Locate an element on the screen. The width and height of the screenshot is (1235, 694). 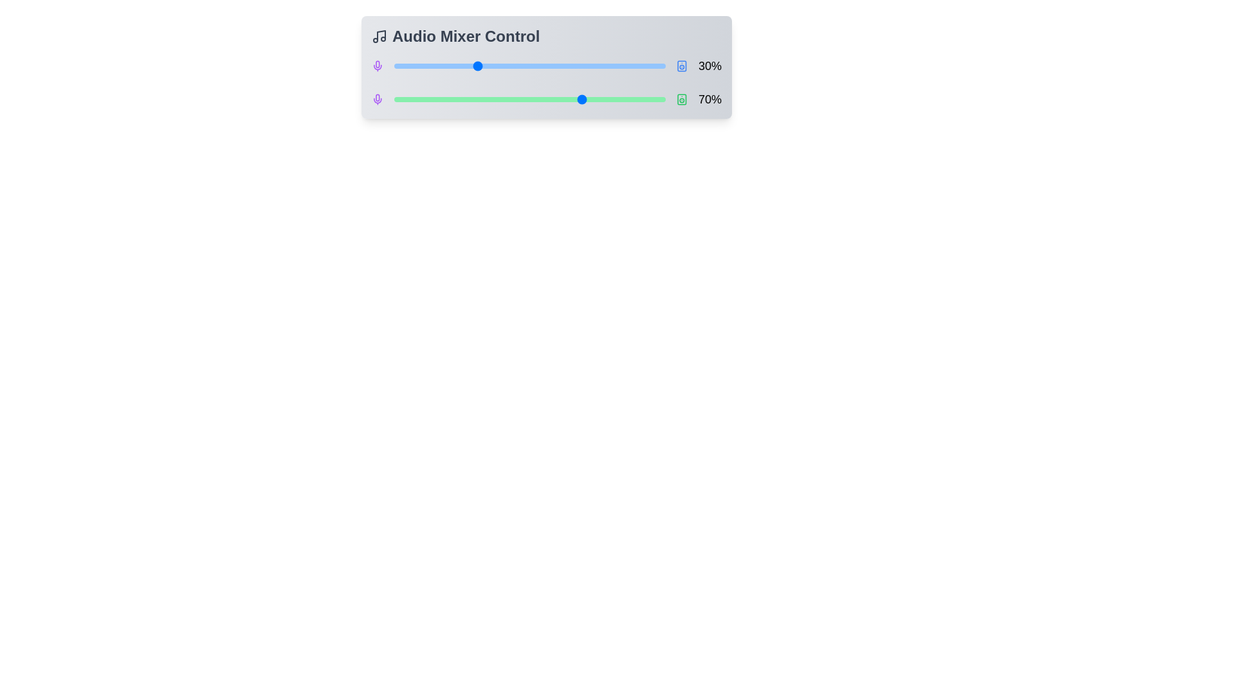
the microphone icon, which is styled in purple and is the first element in the Audio Mixer Control section is located at coordinates (377, 97).